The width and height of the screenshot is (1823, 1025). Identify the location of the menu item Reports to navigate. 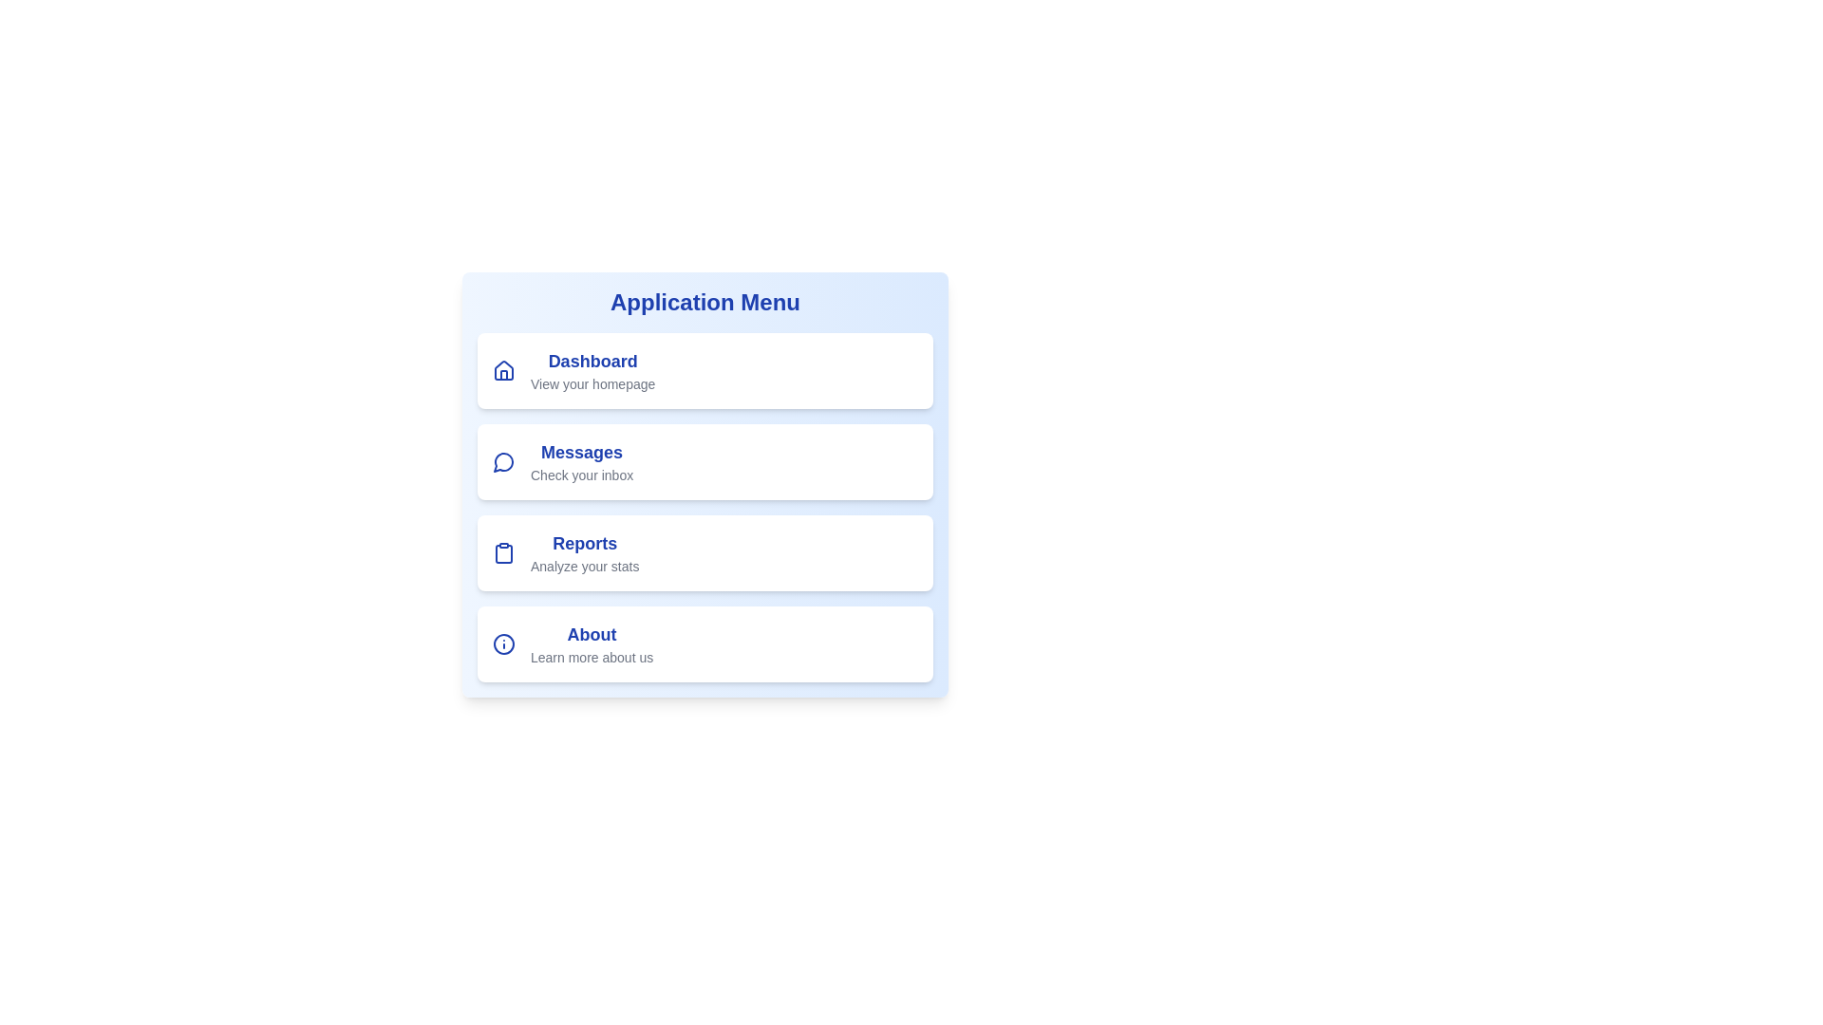
(705, 552).